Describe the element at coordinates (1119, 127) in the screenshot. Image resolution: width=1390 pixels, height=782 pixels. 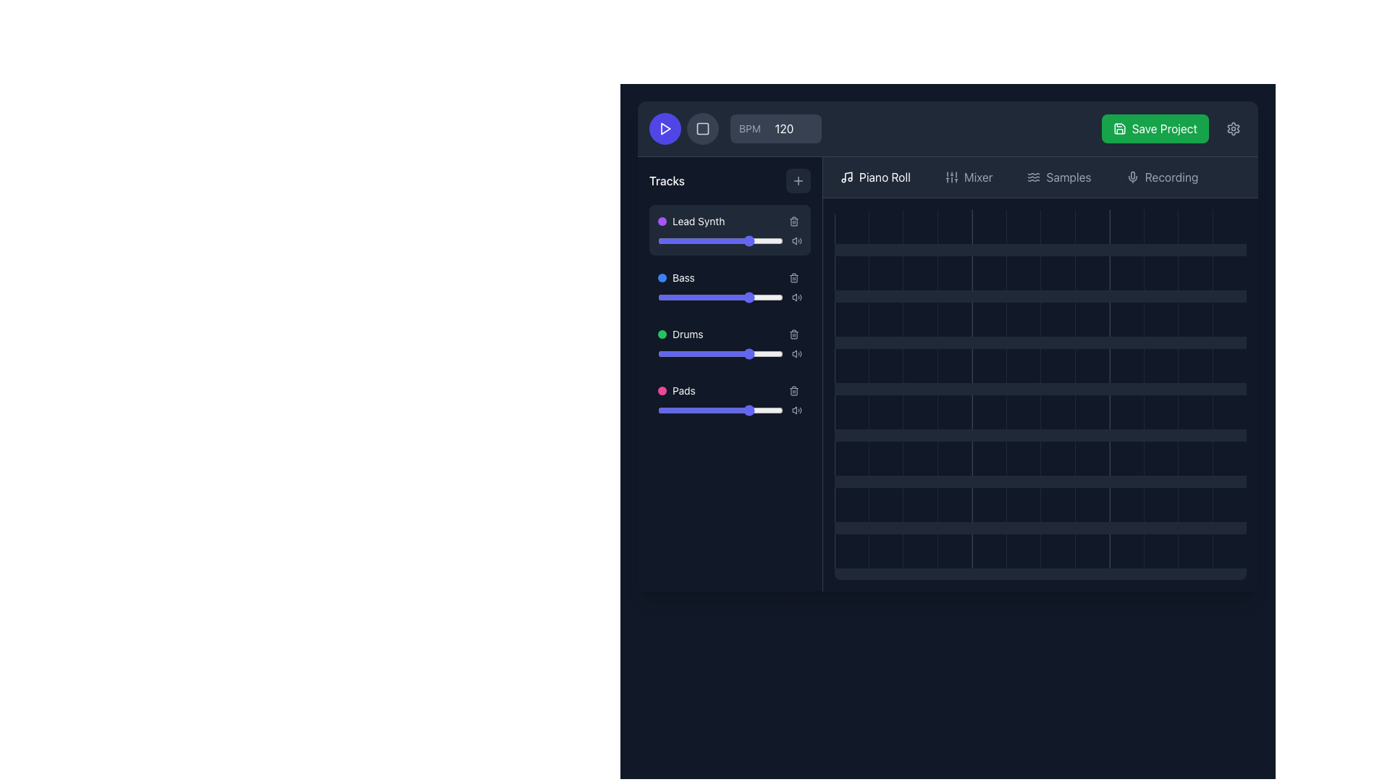
I see `the save icon within the 'Save Project' button` at that location.